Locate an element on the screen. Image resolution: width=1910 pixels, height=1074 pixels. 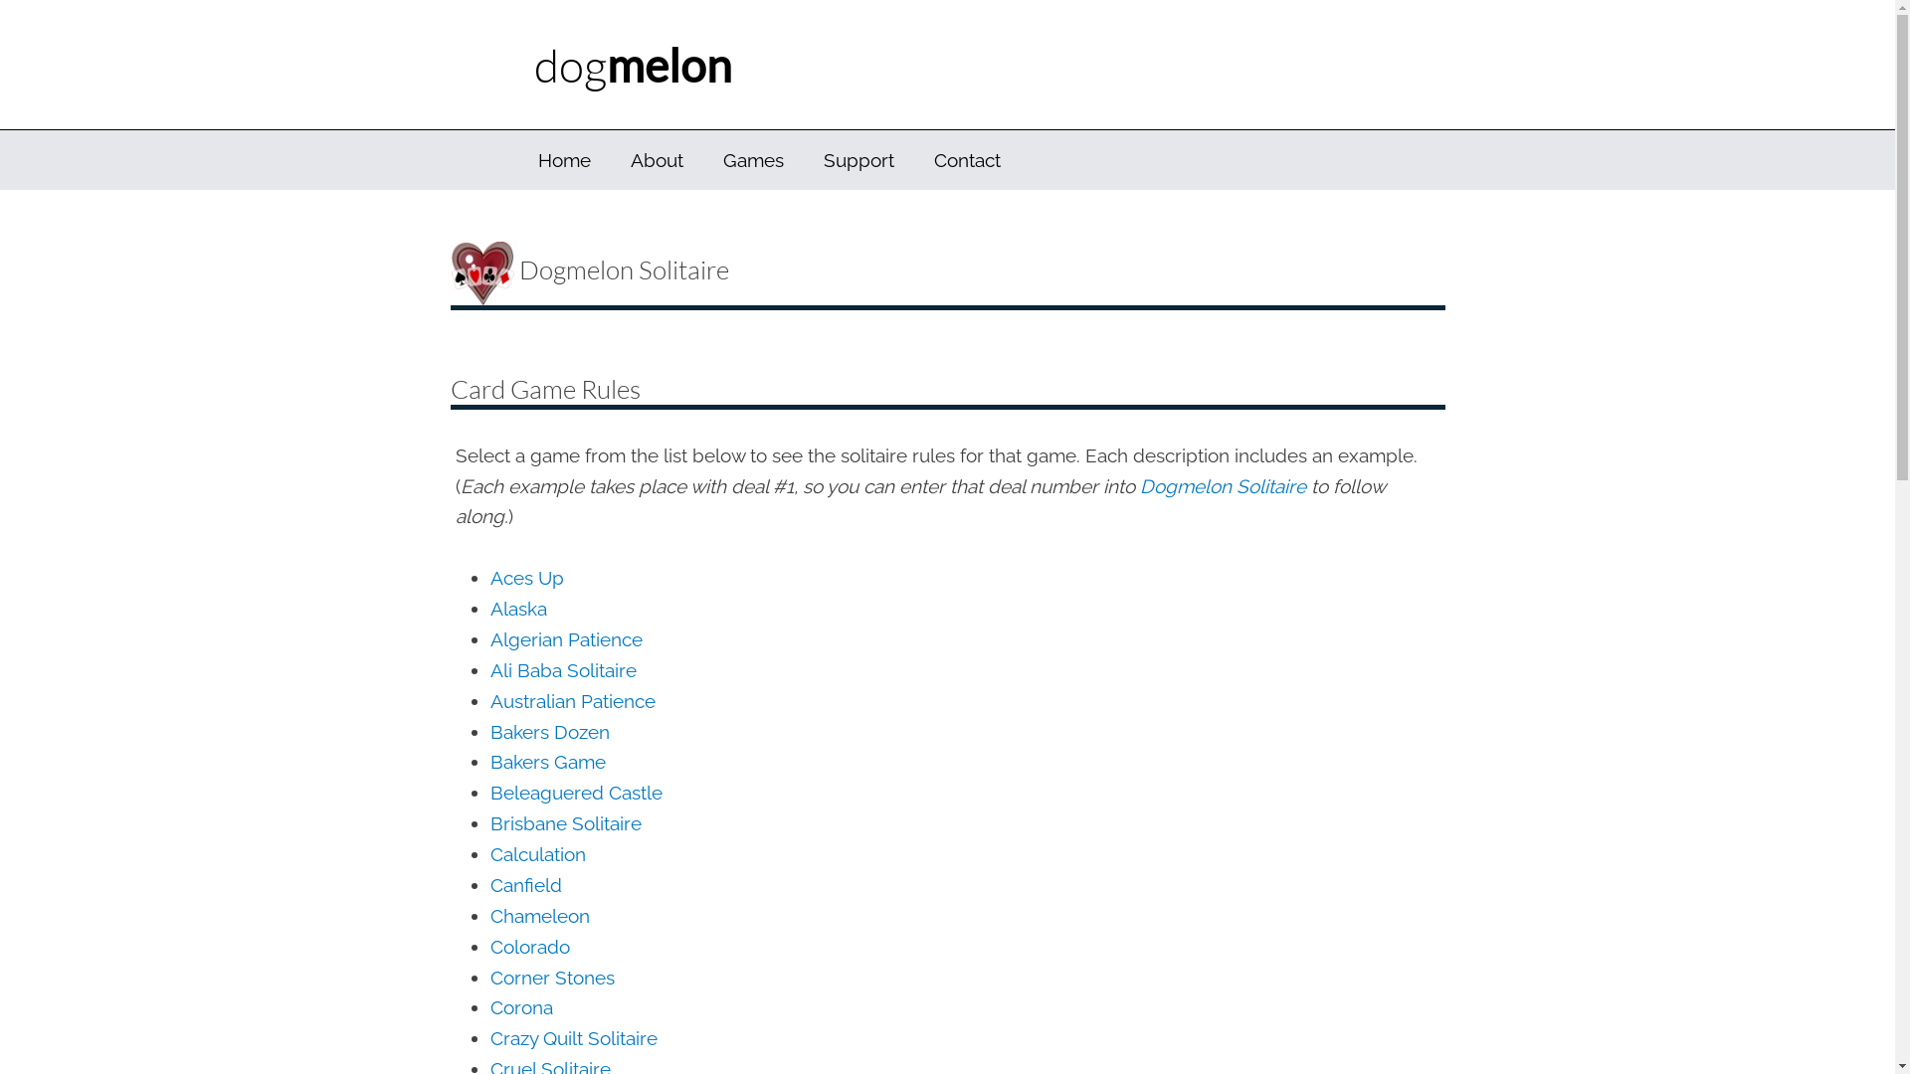
'Aces Up' is located at coordinates (525, 578).